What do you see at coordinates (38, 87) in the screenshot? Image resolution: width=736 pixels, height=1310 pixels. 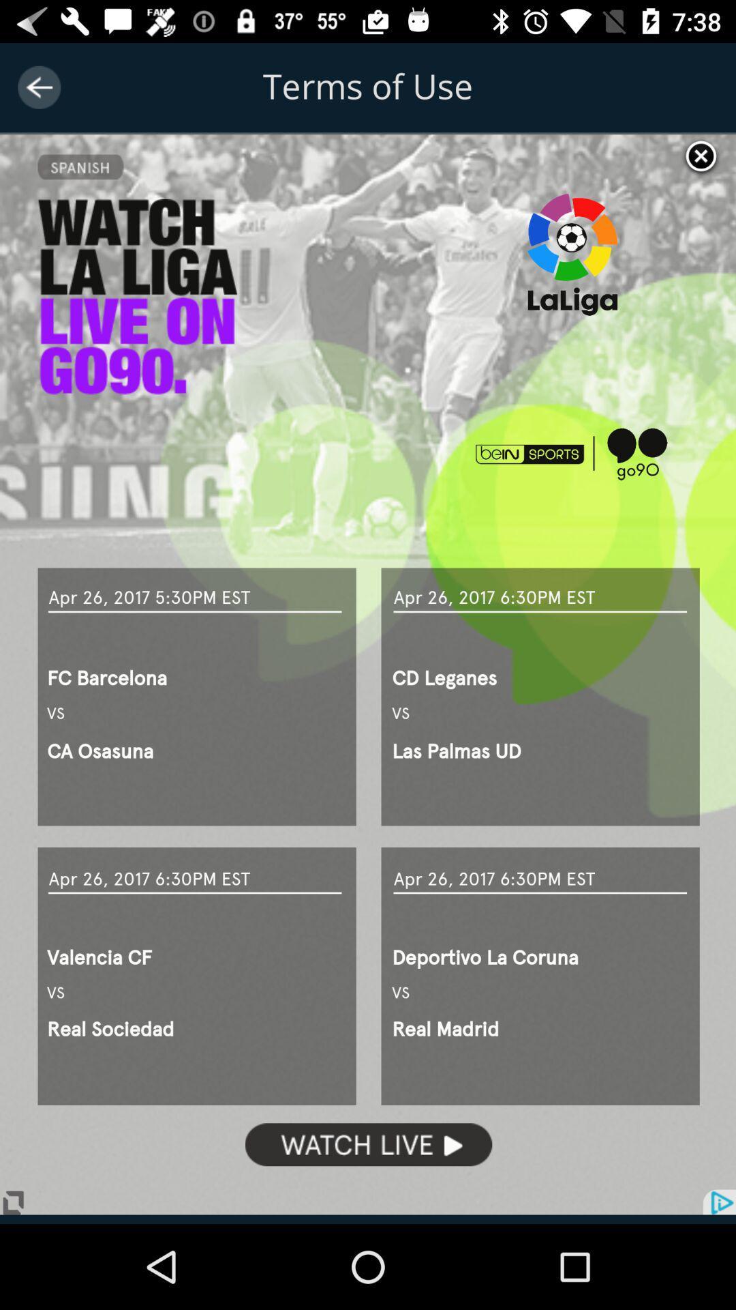 I see `the arrow_backward icon` at bounding box center [38, 87].